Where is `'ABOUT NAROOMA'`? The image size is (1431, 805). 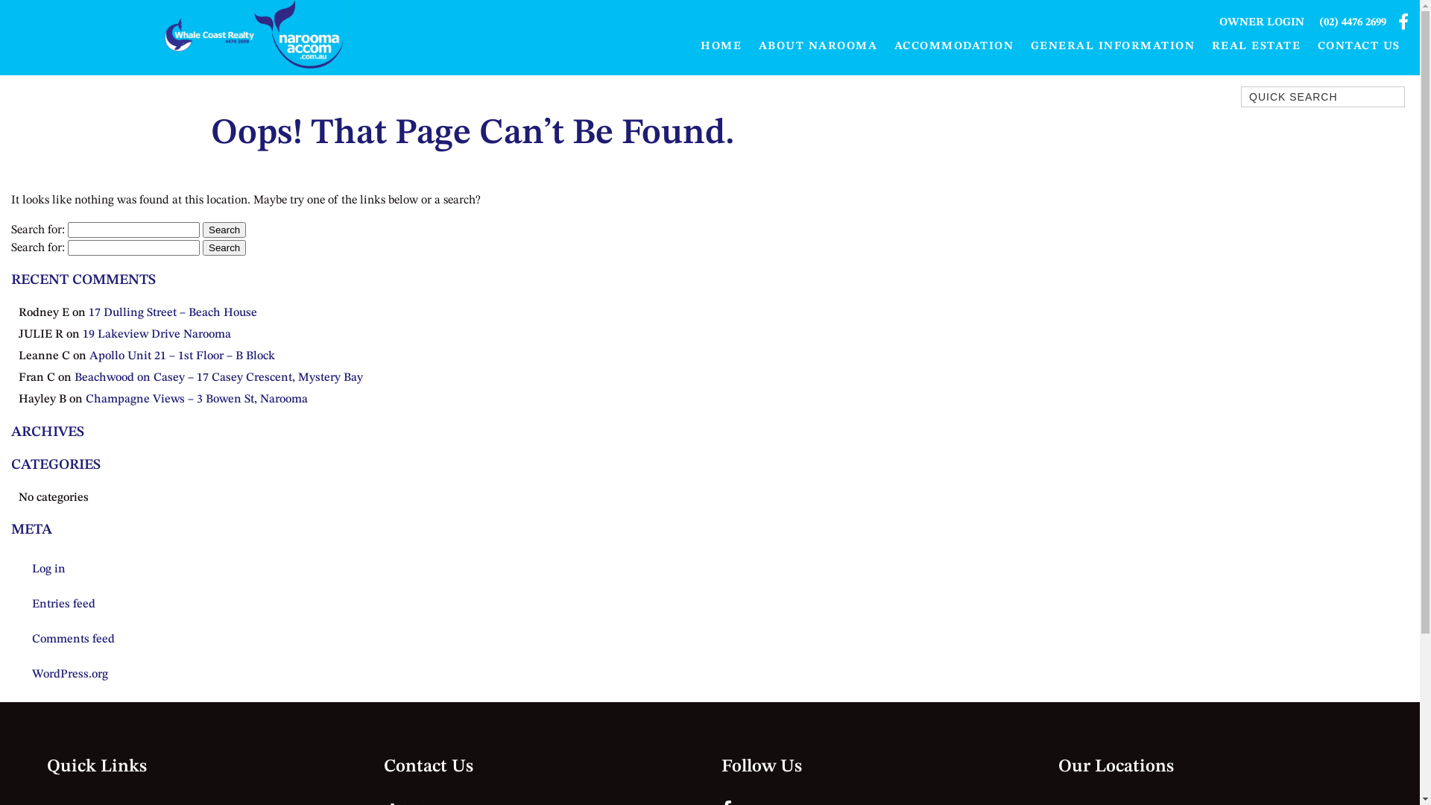
'ABOUT NAROOMA' is located at coordinates (817, 45).